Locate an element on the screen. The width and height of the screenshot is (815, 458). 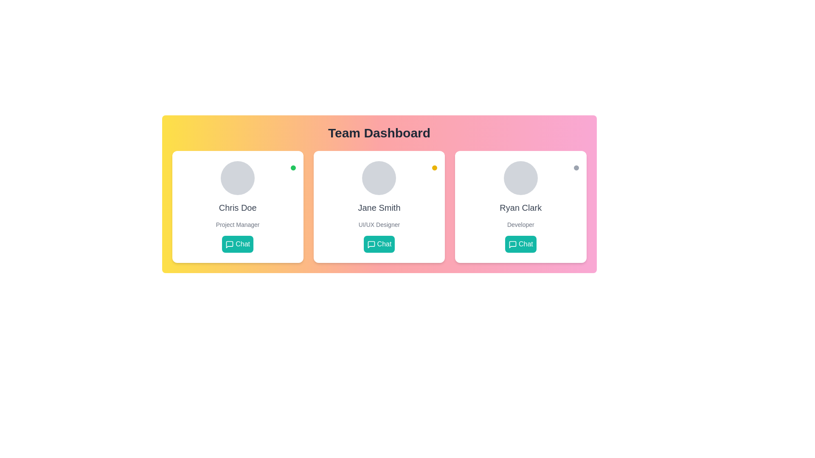
the small speech bubble icon with a thin circular border and rectangular base, which is part of the 'Chat' button located below Chris Doe's name and role is located at coordinates (230, 244).